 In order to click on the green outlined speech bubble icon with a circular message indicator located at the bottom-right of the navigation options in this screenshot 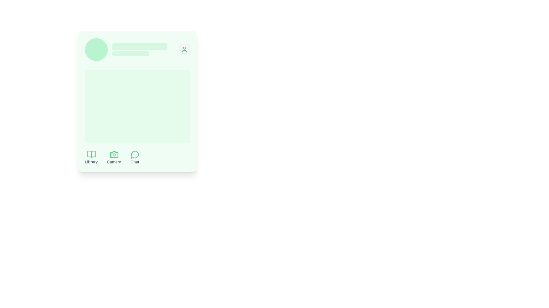, I will do `click(135, 155)`.